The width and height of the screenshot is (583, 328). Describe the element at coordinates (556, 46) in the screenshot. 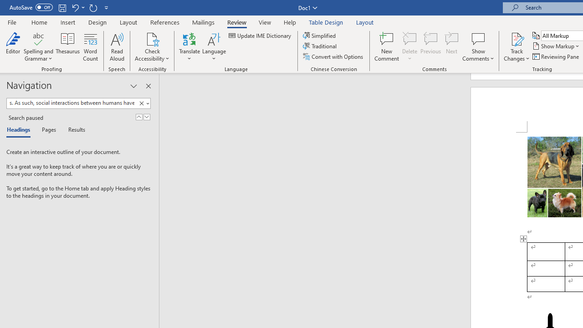

I see `'Show Markup'` at that location.